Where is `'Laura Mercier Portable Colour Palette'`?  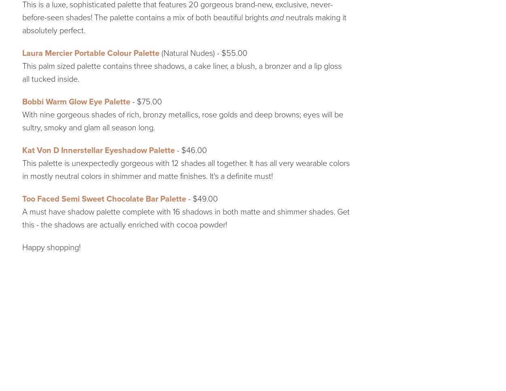
'Laura Mercier Portable Colour Palette' is located at coordinates (90, 53).